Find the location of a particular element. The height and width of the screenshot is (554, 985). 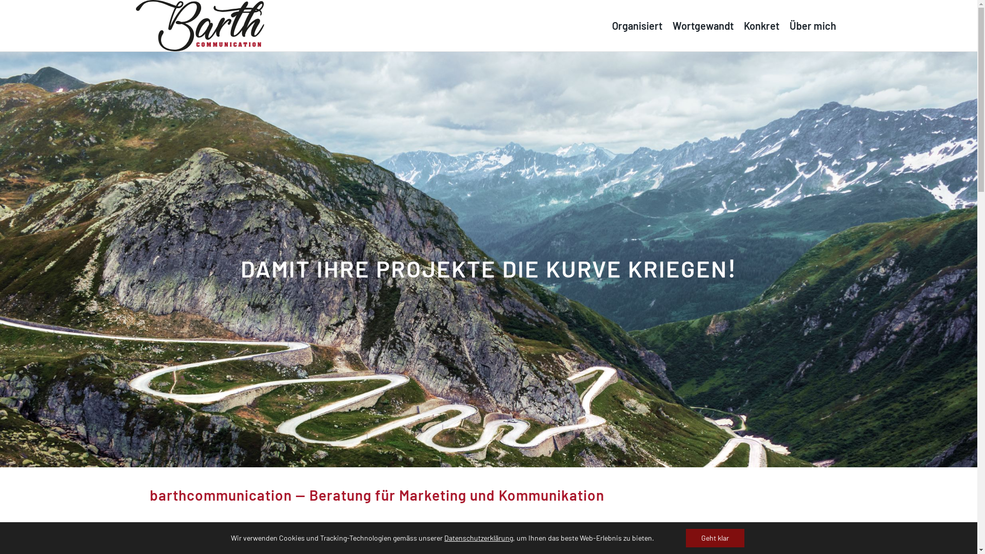

'Geht klar' is located at coordinates (714, 538).